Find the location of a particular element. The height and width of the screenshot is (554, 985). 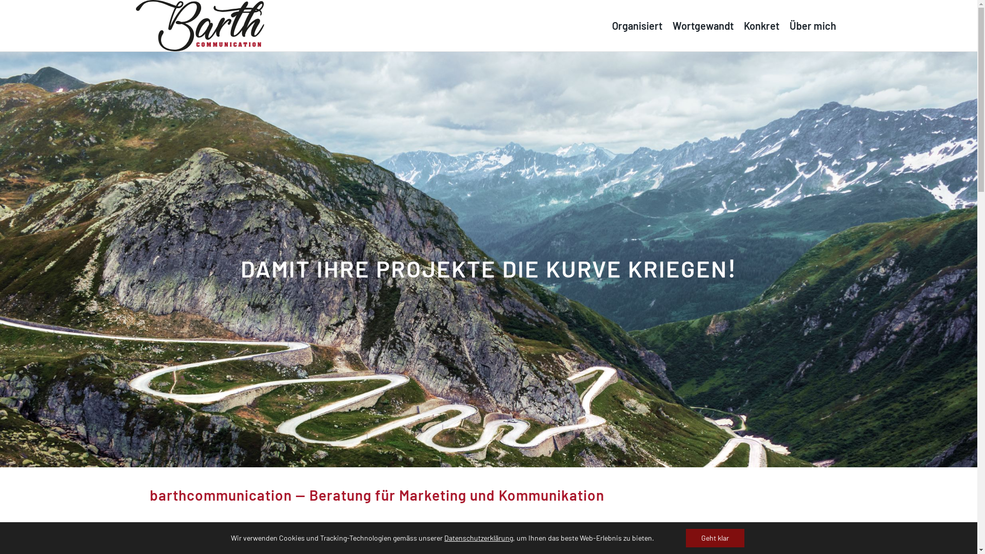

'Geht klar' is located at coordinates (714, 538).